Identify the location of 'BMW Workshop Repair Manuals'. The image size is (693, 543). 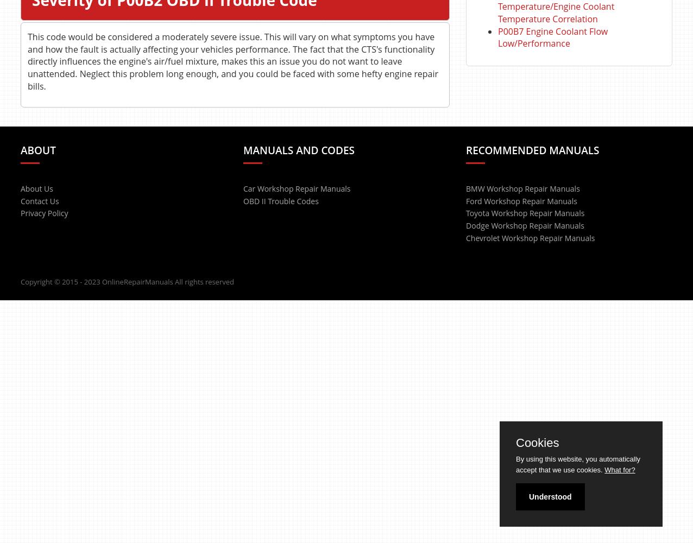
(522, 187).